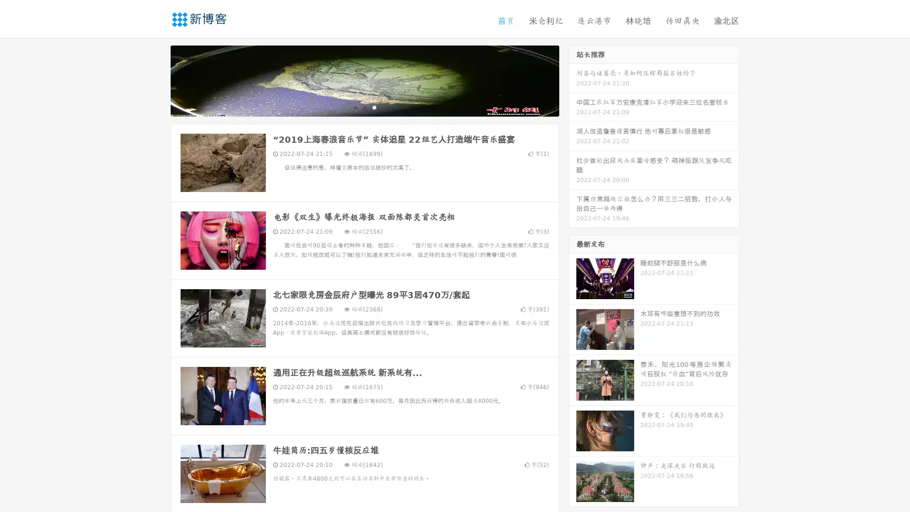 This screenshot has height=512, width=910. What do you see at coordinates (364, 107) in the screenshot?
I see `Go to slide 2` at bounding box center [364, 107].